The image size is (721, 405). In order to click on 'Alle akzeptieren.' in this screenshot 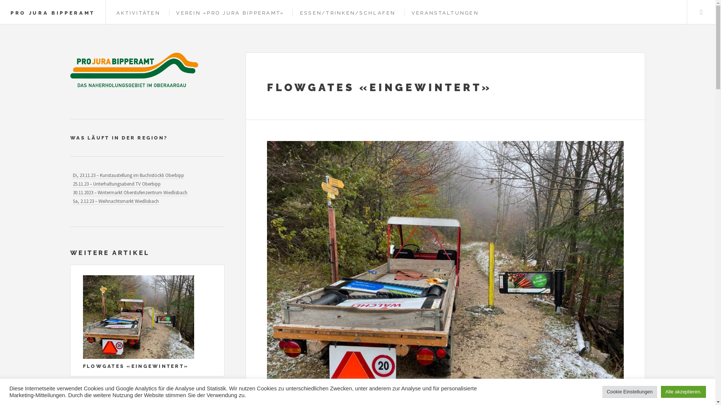, I will do `click(661, 391)`.